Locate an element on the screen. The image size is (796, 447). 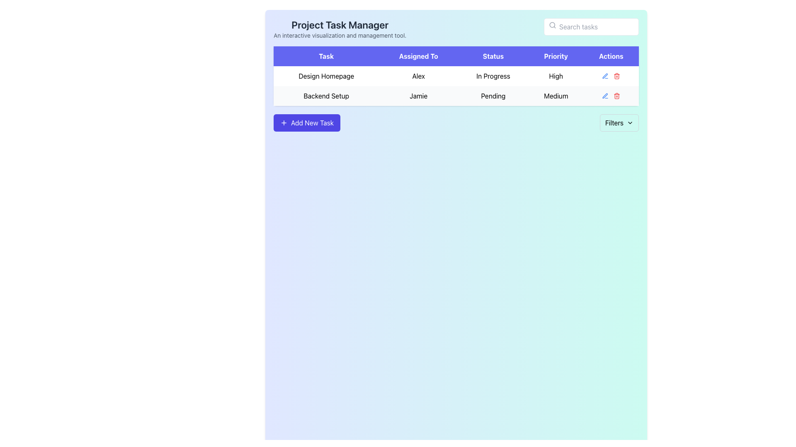
the edit button in the 'Actions' column of the first row is located at coordinates (611, 76).